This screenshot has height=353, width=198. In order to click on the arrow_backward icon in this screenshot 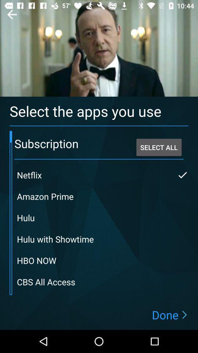, I will do `click(11, 14)`.